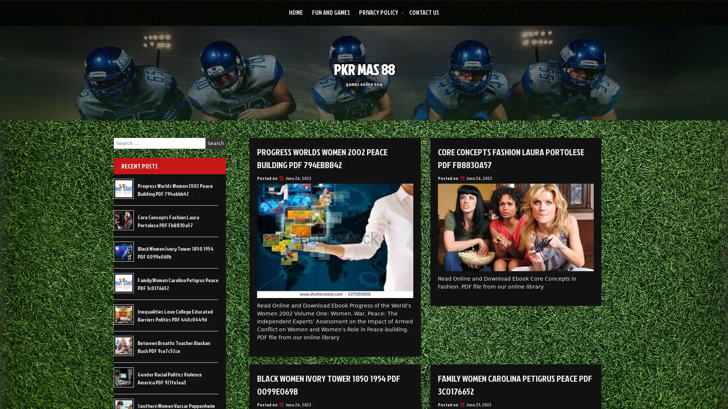 The height and width of the screenshot is (409, 728). I want to click on Search, so click(215, 143).